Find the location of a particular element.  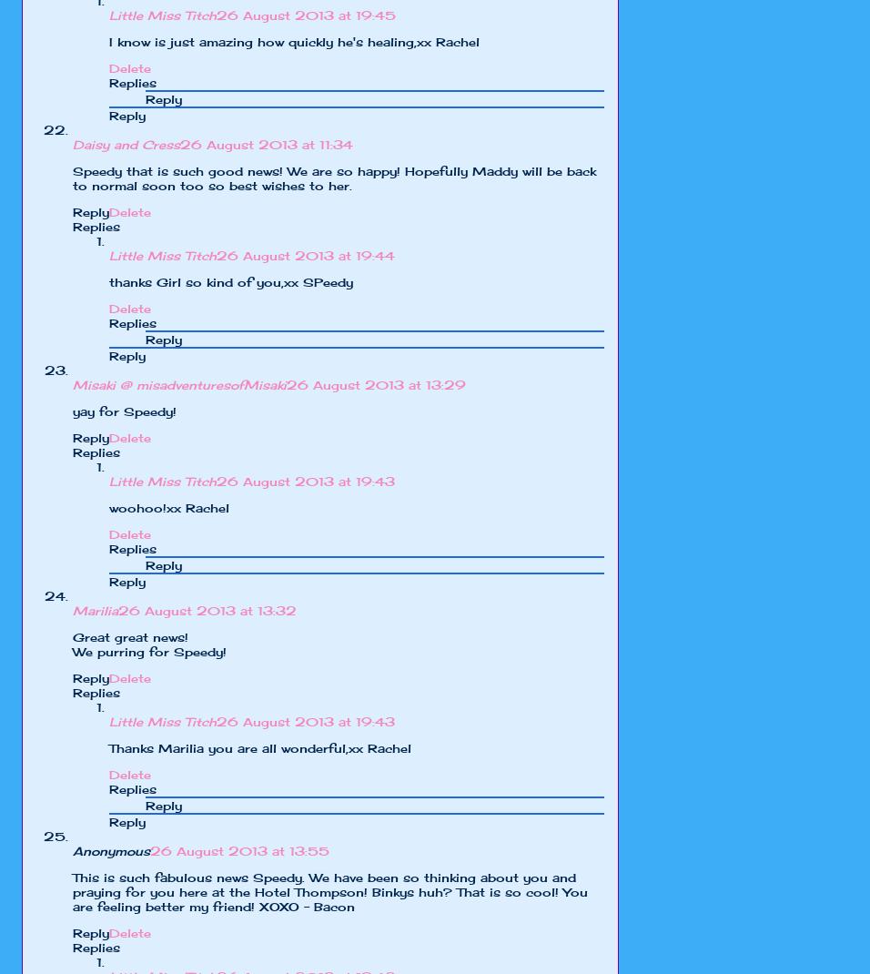

'26 August 2013 at 13:32' is located at coordinates (207, 610).